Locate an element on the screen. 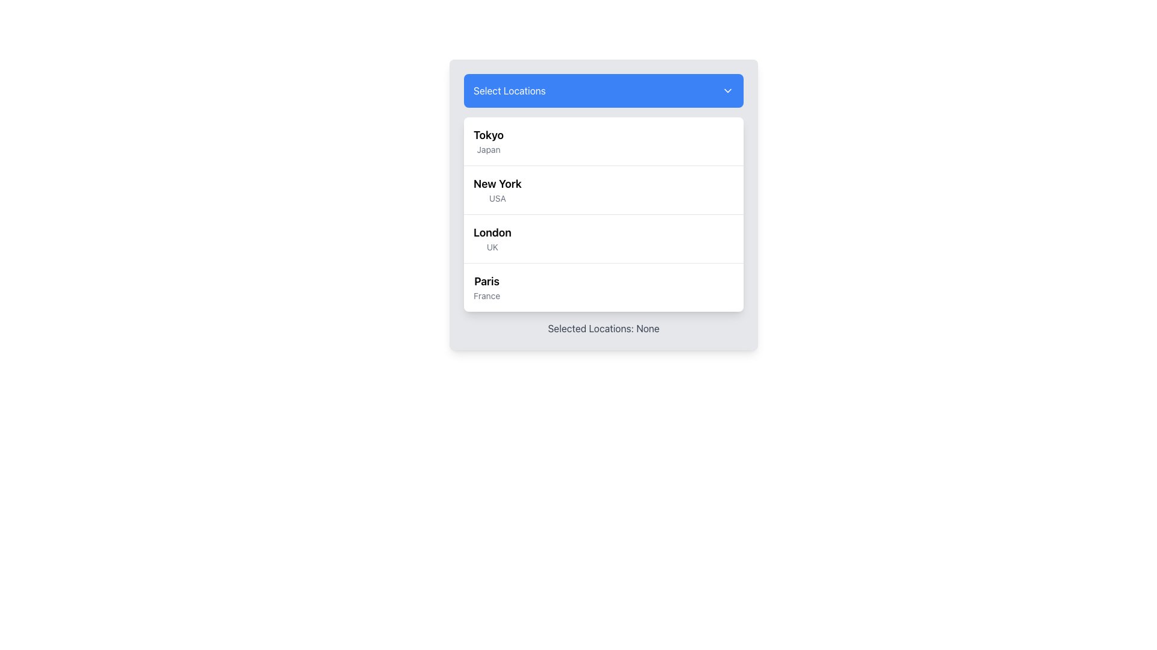  keyboard navigation is located at coordinates (497, 184).